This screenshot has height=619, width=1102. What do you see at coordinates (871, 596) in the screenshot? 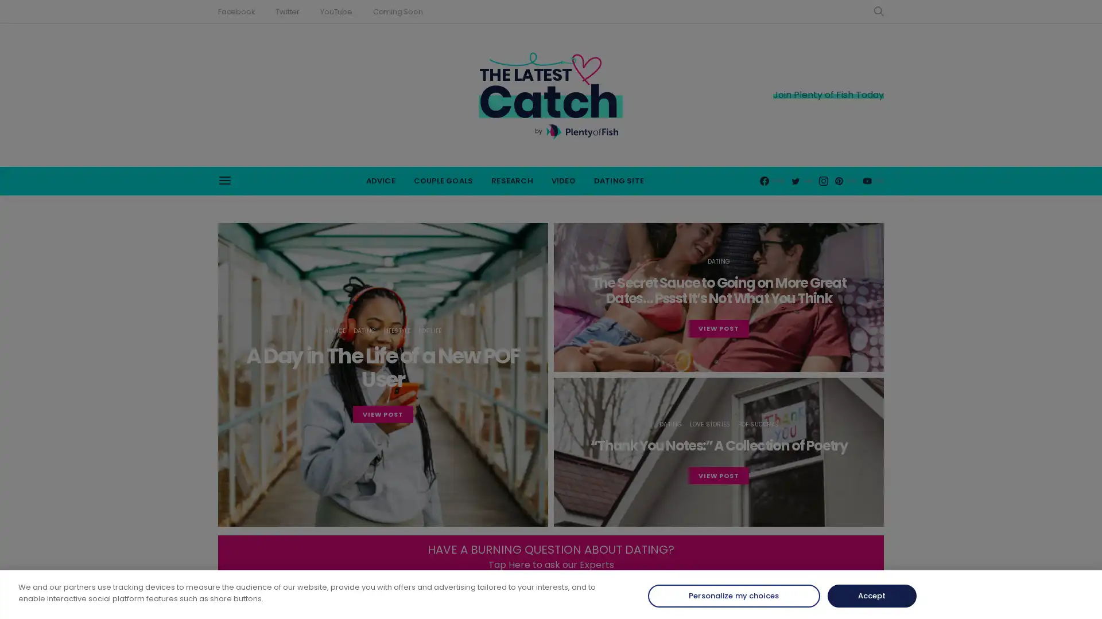
I see `Accept` at bounding box center [871, 596].